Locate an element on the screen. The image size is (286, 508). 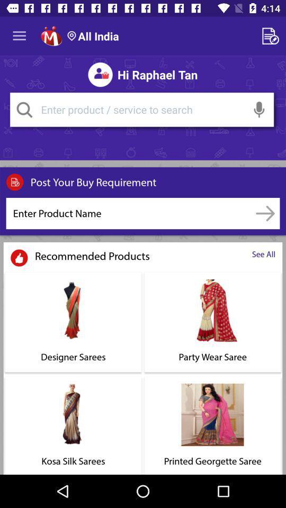
search is located at coordinates (24, 110).